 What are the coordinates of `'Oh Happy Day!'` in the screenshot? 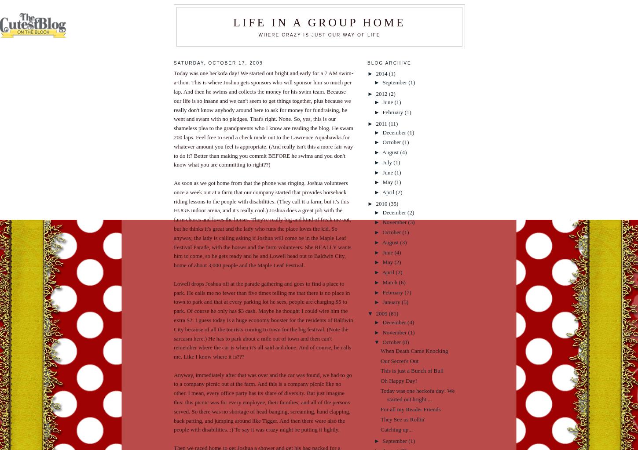 It's located at (398, 381).